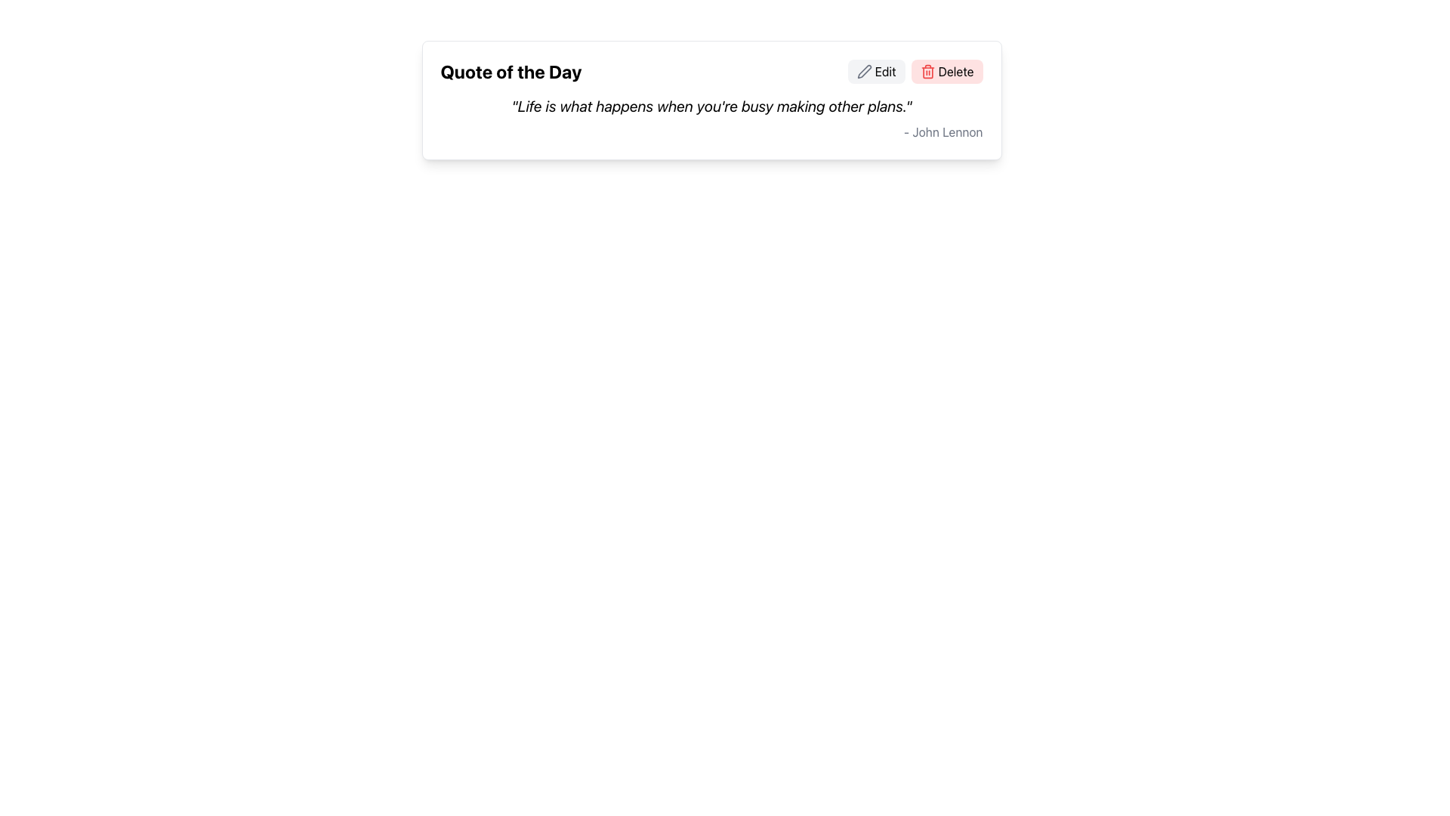 The height and width of the screenshot is (816, 1450). What do you see at coordinates (876, 72) in the screenshot?
I see `the 'Edit' button with a pen icon, which is located at the top-right corner of the card component` at bounding box center [876, 72].